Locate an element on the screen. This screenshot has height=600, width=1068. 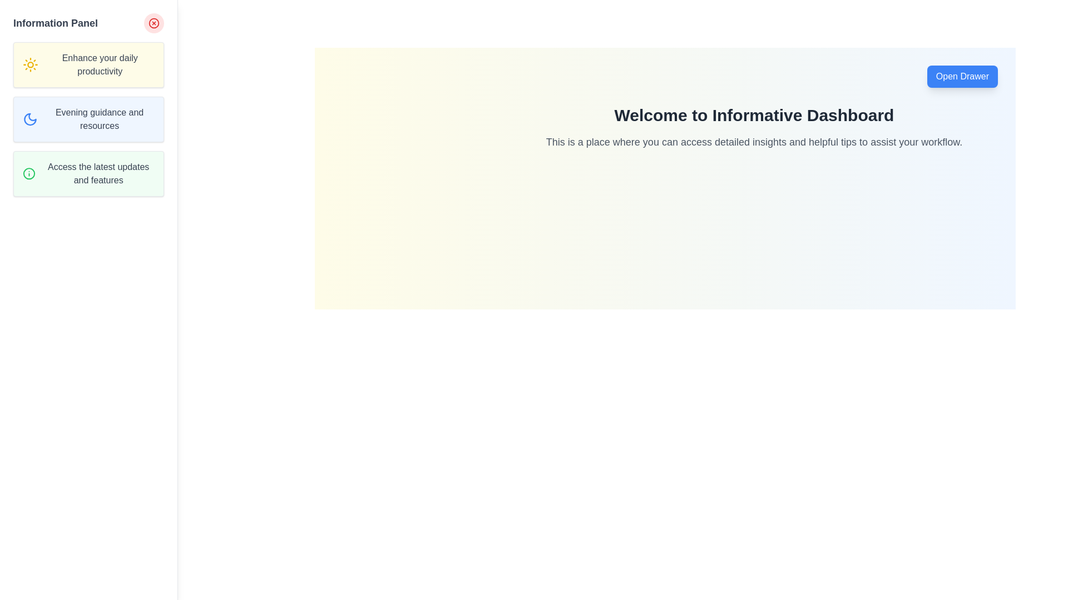
the circular graphic element located within the red button is located at coordinates (154, 23).